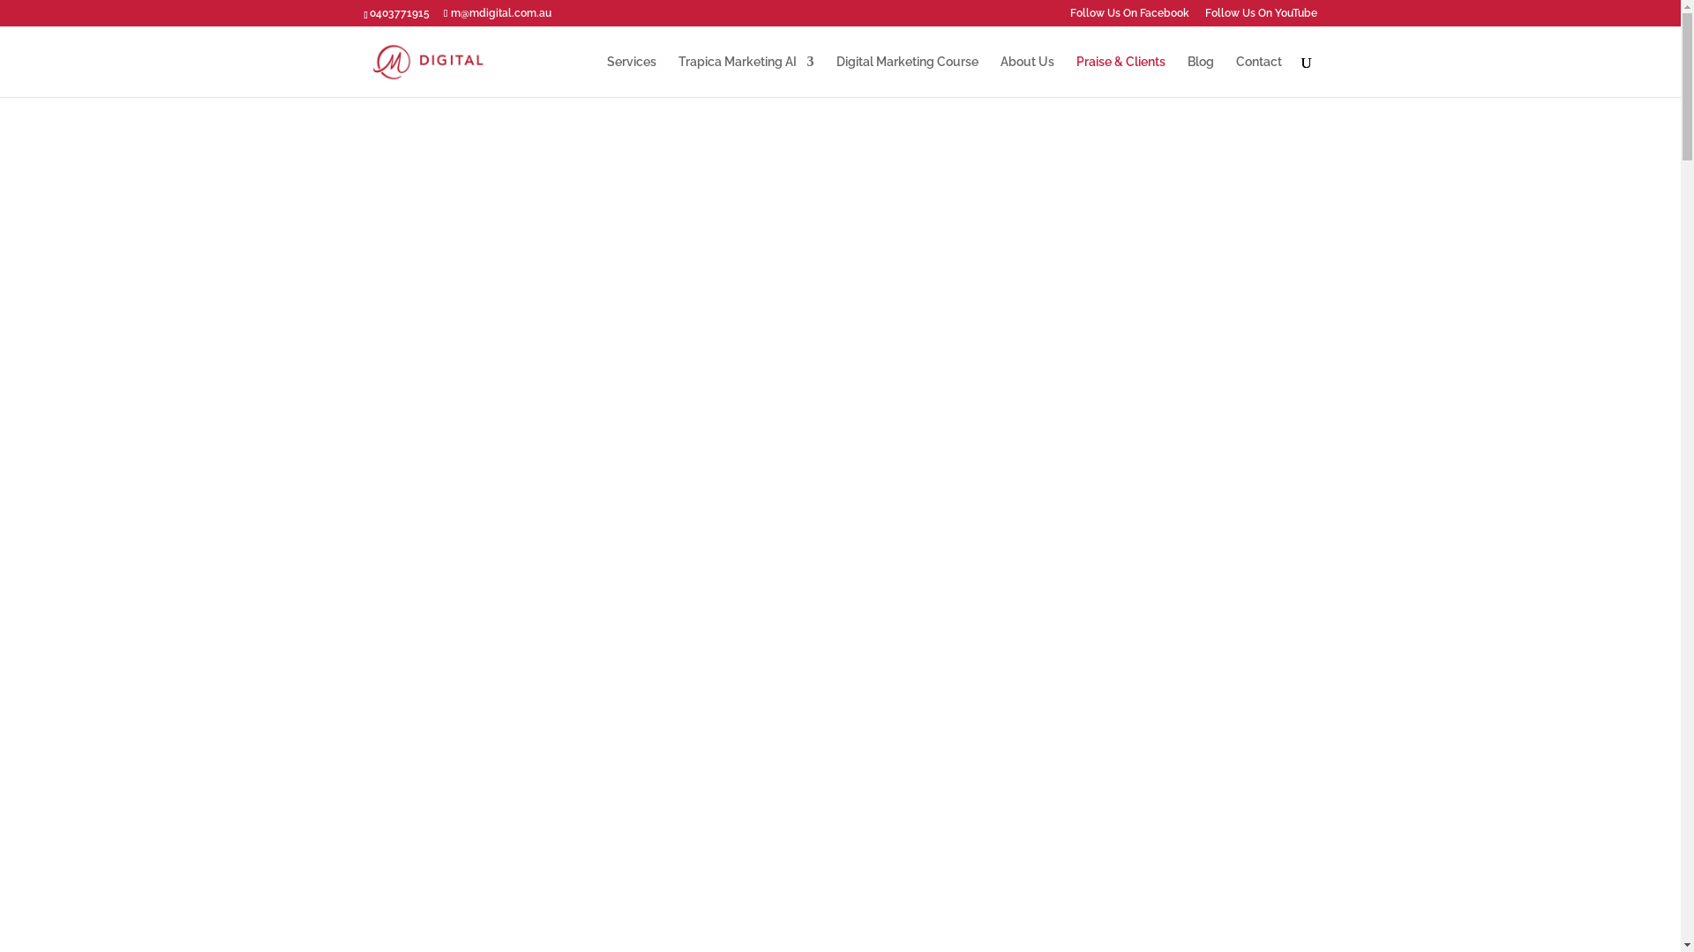  What do you see at coordinates (1260, 17) in the screenshot?
I see `'Follow Us On YouTube'` at bounding box center [1260, 17].